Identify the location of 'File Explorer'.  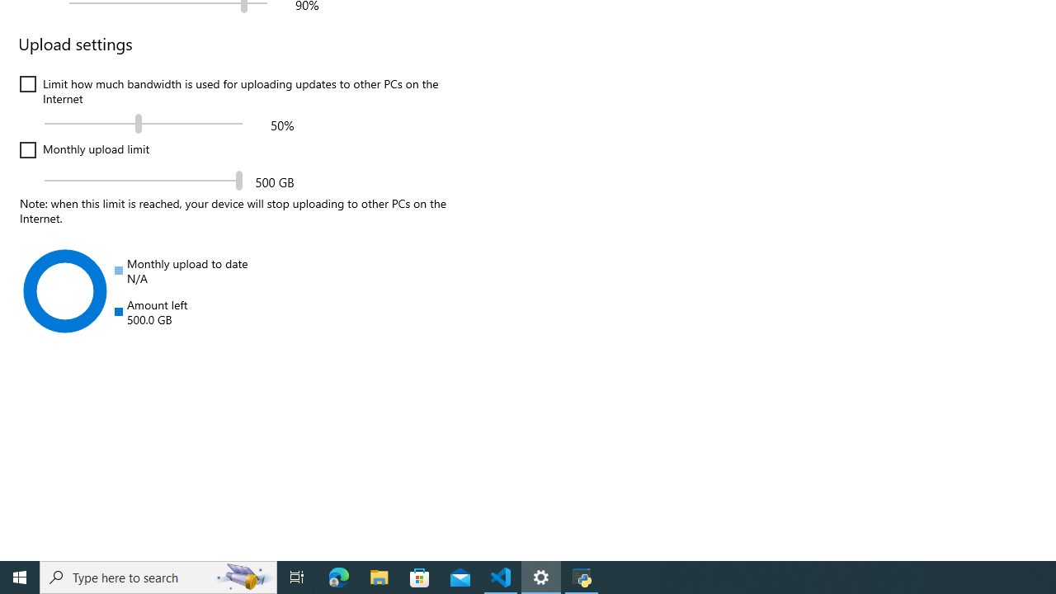
(379, 576).